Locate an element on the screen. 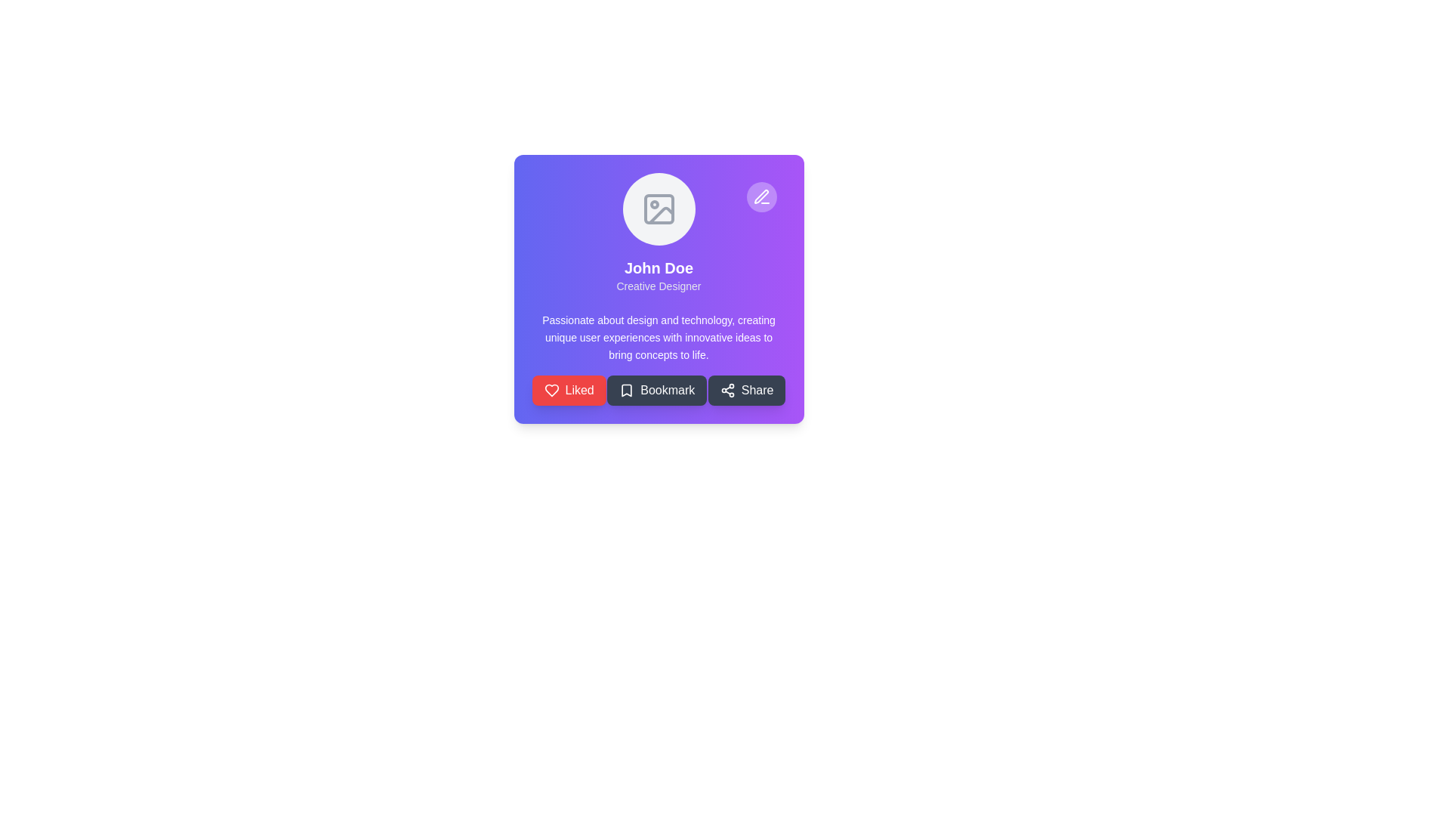  the bookmark button located in the toolbar at the bottom of the card, which is the second button in a horizontal row between the 'Liked' and 'Share' buttons is located at coordinates (657, 390).